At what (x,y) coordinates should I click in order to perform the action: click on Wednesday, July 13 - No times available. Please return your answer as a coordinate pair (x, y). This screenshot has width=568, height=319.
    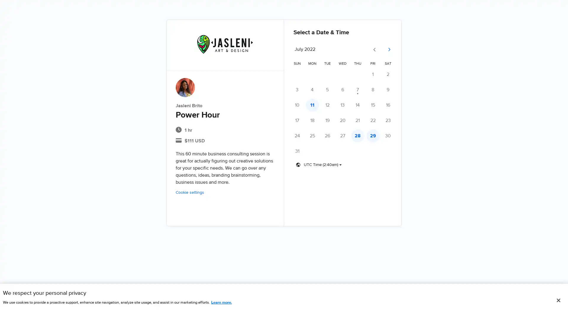
    Looking at the image, I should click on (343, 105).